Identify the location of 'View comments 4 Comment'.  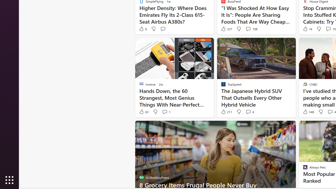
(248, 112).